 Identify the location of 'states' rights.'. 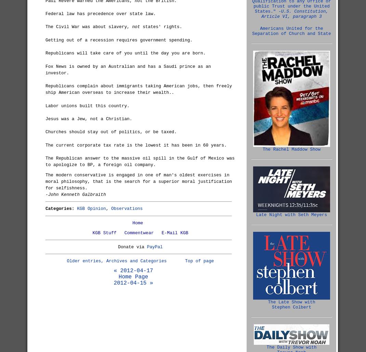
(161, 26).